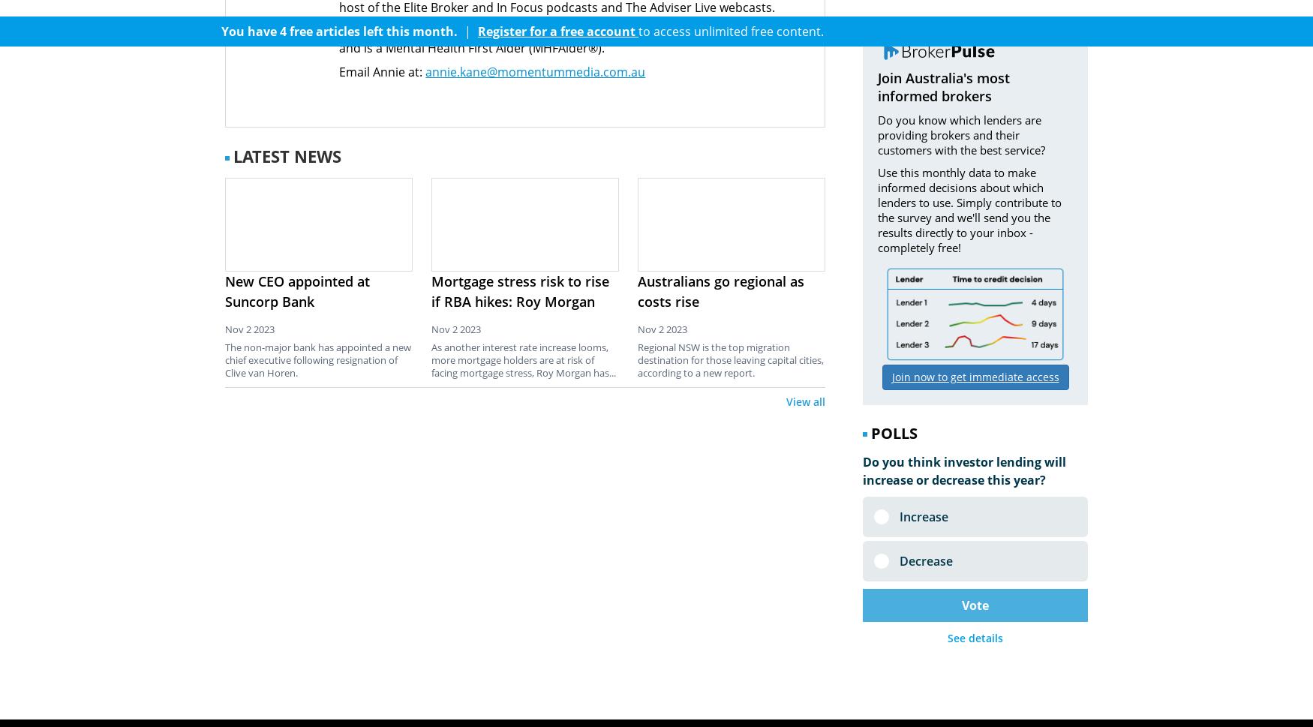 The width and height of the screenshot is (1313, 727). Describe the element at coordinates (296, 290) in the screenshot. I see `'New CEO appointed at Suncorp Bank'` at that location.